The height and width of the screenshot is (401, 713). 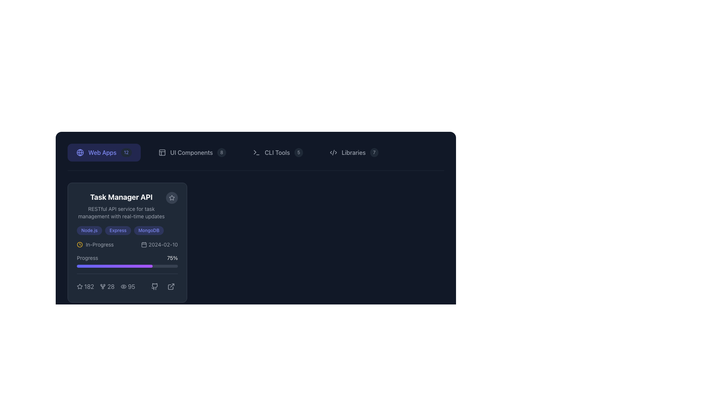 What do you see at coordinates (127, 260) in the screenshot?
I see `the Progress bar widget labeled 'Progress' with a percentage of '75%' located within the 'Task Manager API' card` at bounding box center [127, 260].